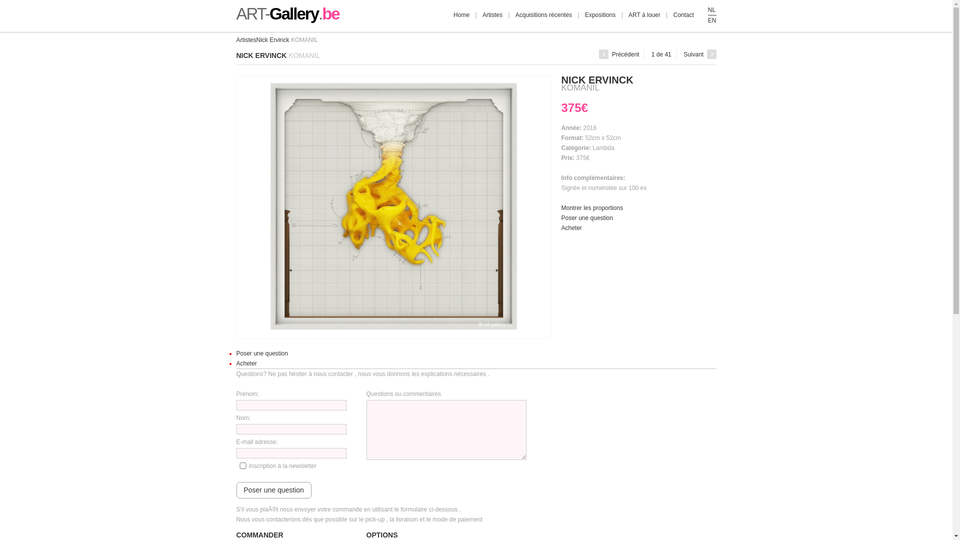 The height and width of the screenshot is (540, 960). What do you see at coordinates (571, 227) in the screenshot?
I see `'Acheter'` at bounding box center [571, 227].